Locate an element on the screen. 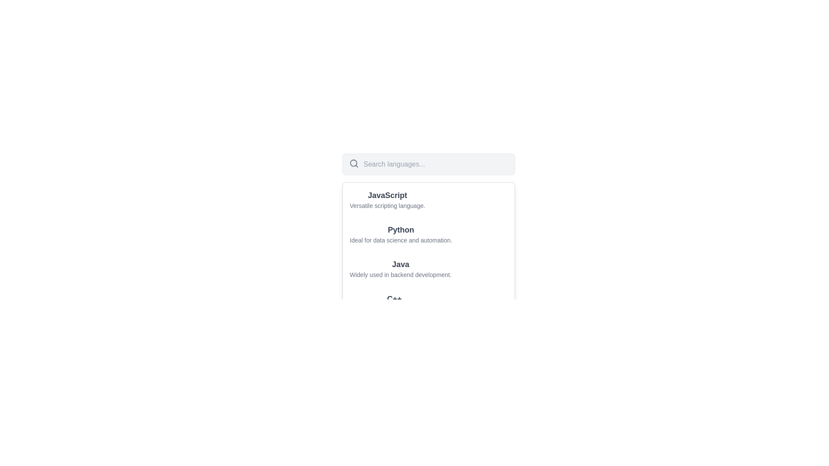  the details of the static text label displaying 'Java' with the description 'Widely used in backend development.' is located at coordinates (429, 268).